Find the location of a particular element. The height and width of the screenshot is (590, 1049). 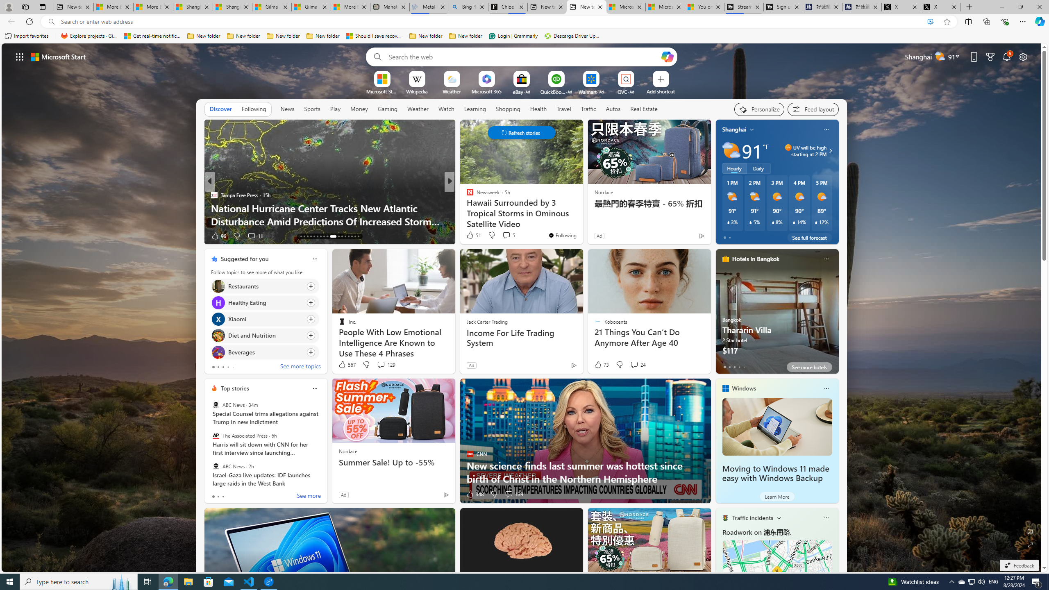

'View comments 3 Comment' is located at coordinates (503, 235).